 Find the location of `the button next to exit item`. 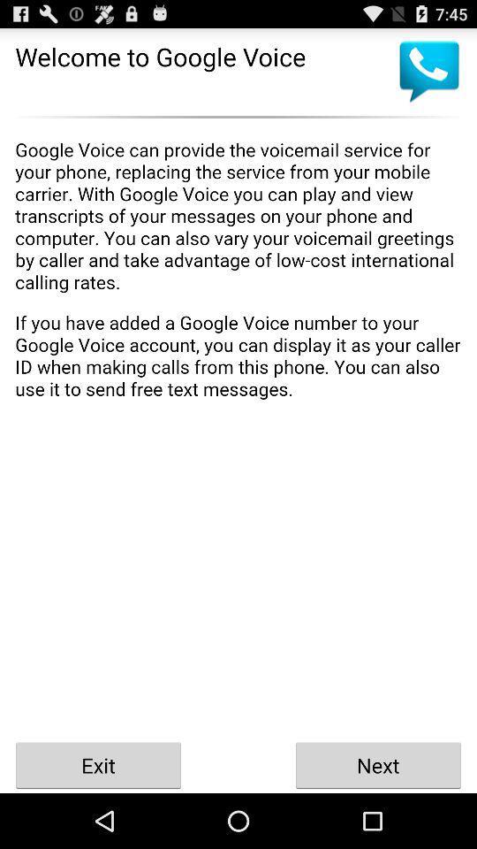

the button next to exit item is located at coordinates (377, 764).